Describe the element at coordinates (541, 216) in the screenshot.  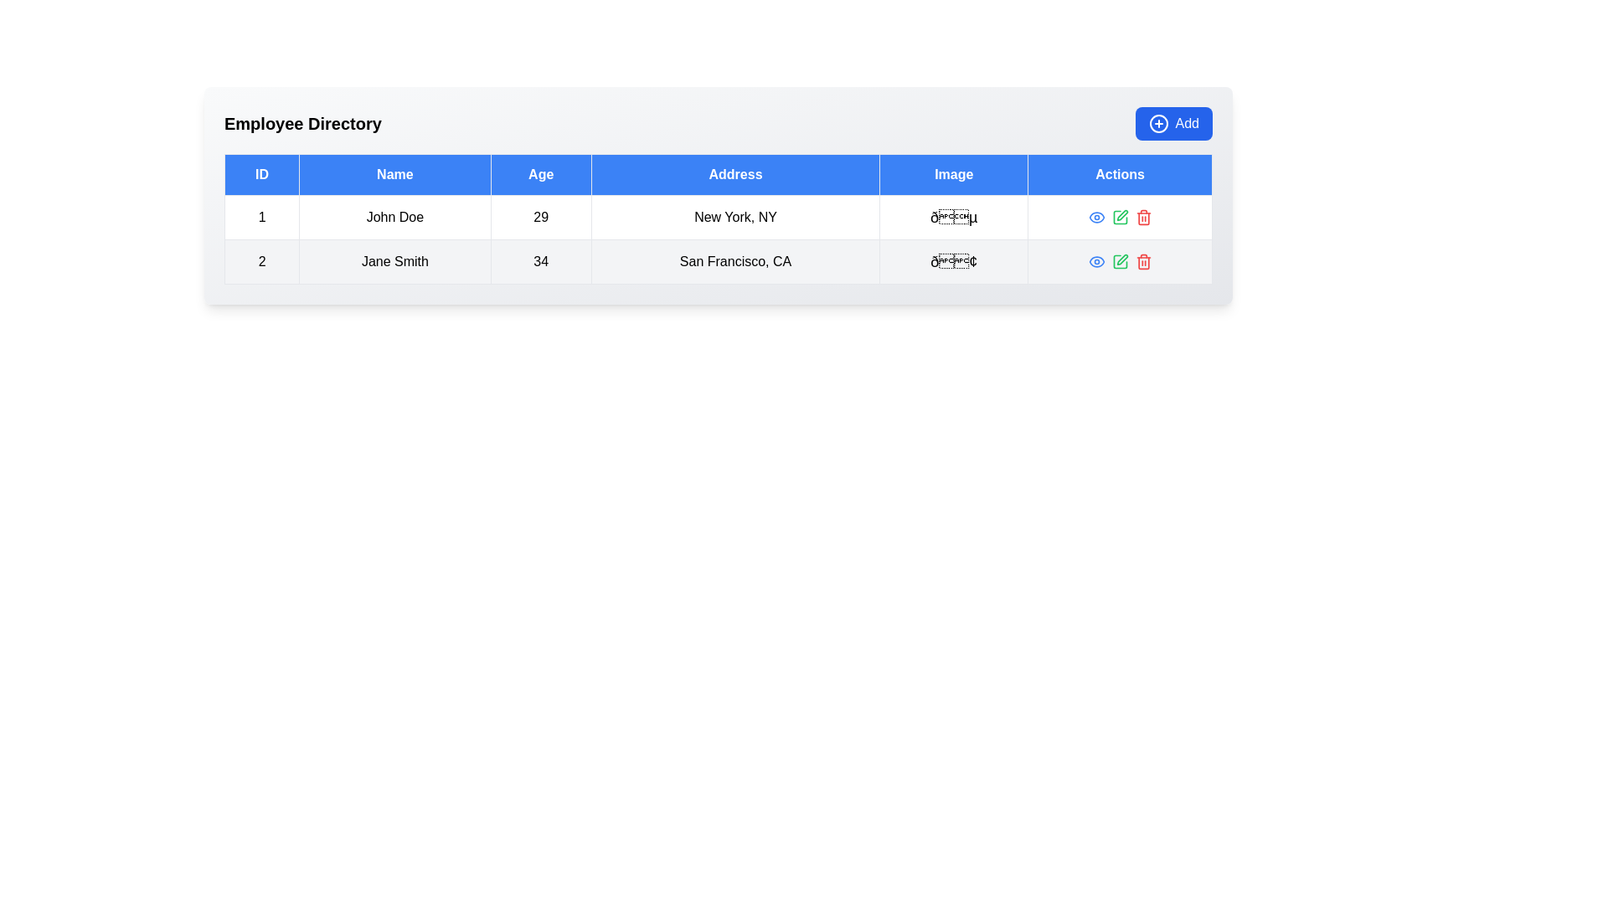
I see `the static table cell displaying the age of the individual listed in the first row, which is located in the third column of the table, between 'John Doe' and 'New York, NY'` at that location.